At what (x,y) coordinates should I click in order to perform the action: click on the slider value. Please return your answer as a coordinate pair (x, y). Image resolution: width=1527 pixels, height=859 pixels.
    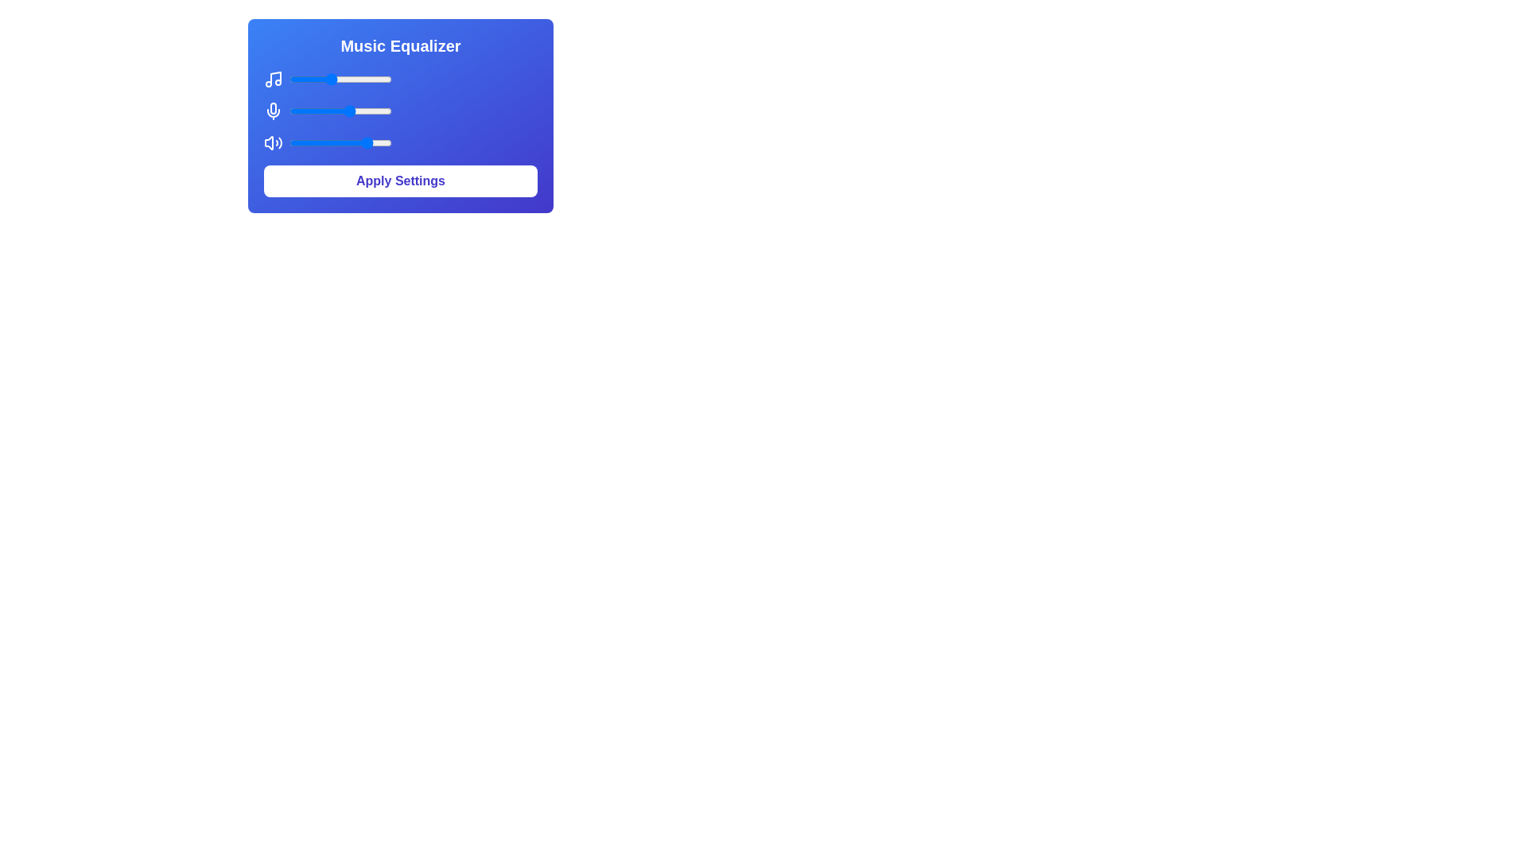
    Looking at the image, I should click on (387, 110).